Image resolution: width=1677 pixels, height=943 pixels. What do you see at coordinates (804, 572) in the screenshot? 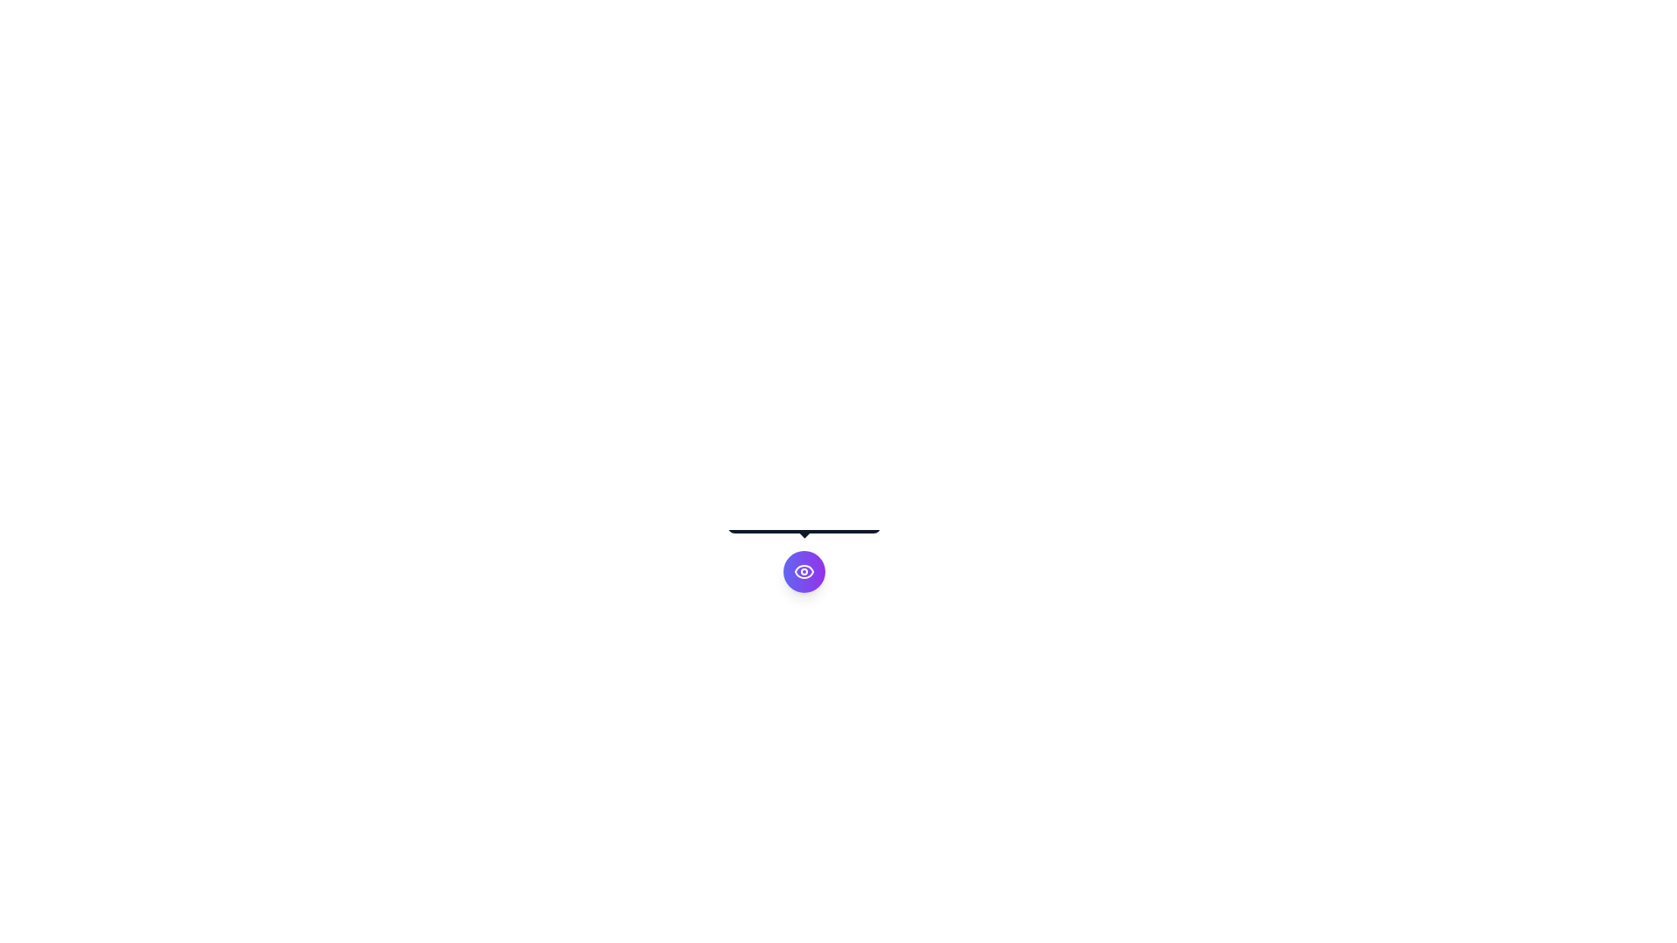
I see `the outer elliptical curve of the SVG eye icon by targeting its center point when it gains interactivity` at bounding box center [804, 572].